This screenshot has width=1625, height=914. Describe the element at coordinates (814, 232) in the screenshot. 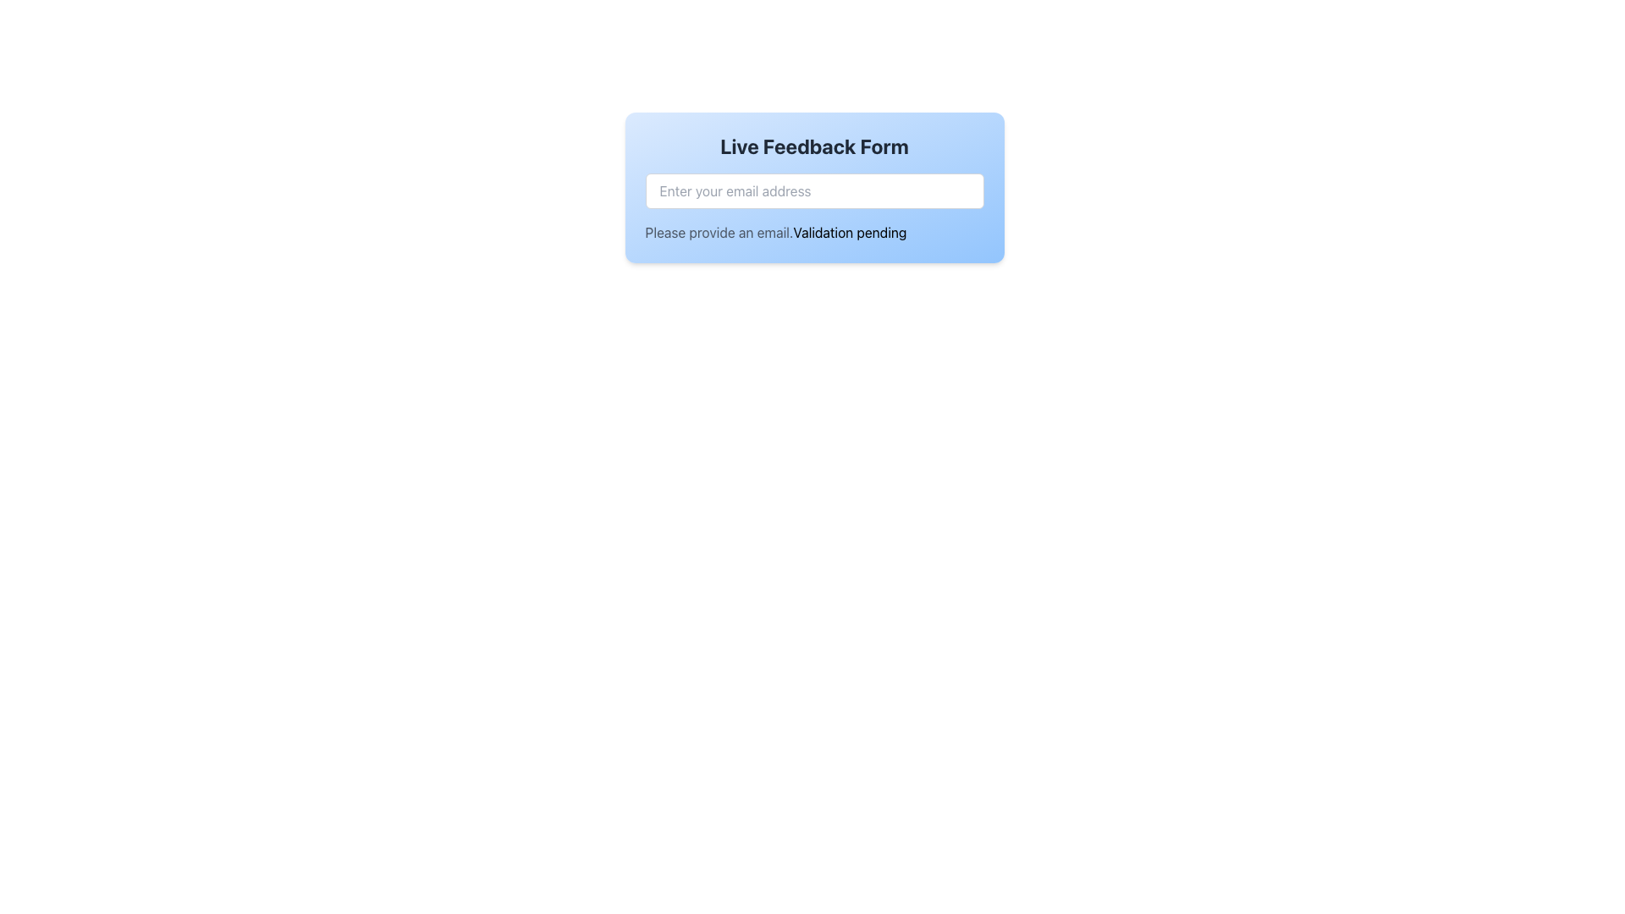

I see `message displayed in the text label that provides feedback about email input validation, which states 'Please provide an email.Validation pending'` at that location.